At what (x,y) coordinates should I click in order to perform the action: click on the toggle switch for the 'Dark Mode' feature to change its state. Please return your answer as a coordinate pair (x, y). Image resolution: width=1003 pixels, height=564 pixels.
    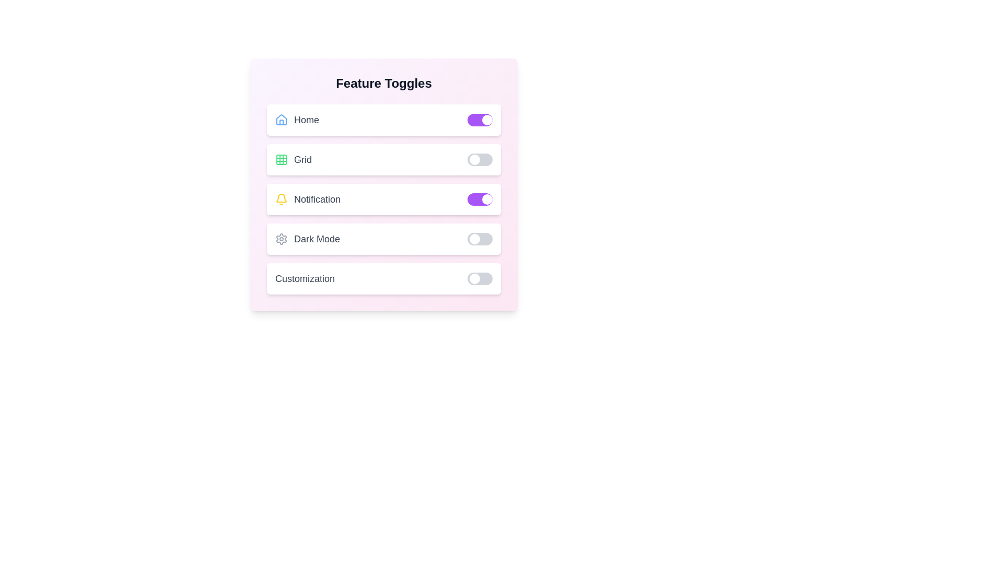
    Looking at the image, I should click on (479, 239).